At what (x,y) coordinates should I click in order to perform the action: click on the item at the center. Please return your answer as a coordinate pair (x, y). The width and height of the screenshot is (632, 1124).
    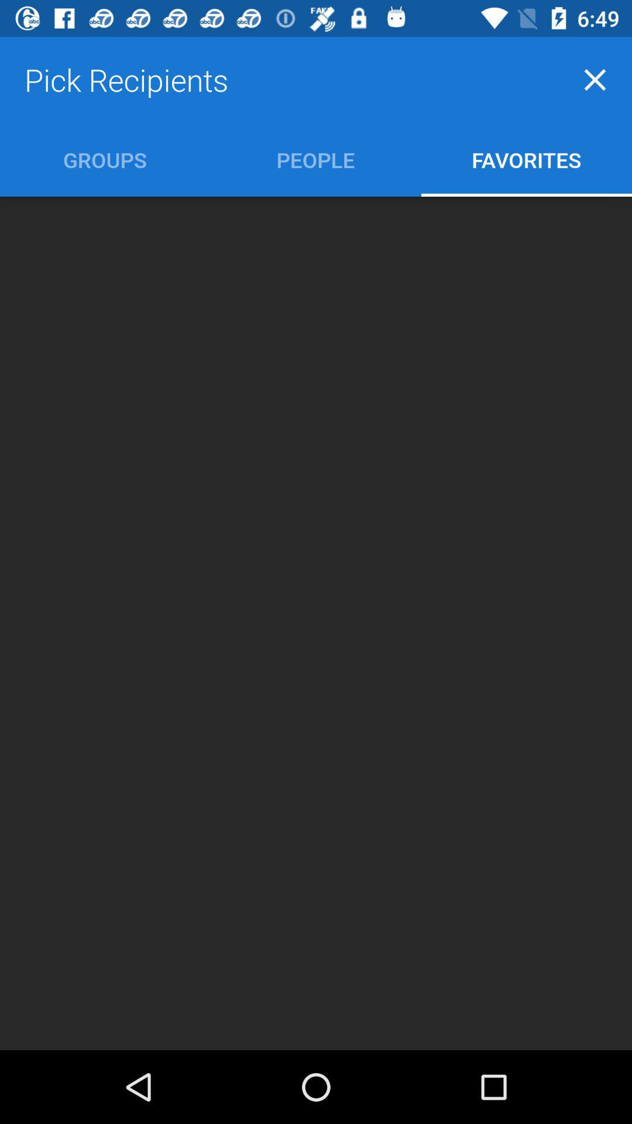
    Looking at the image, I should click on (316, 623).